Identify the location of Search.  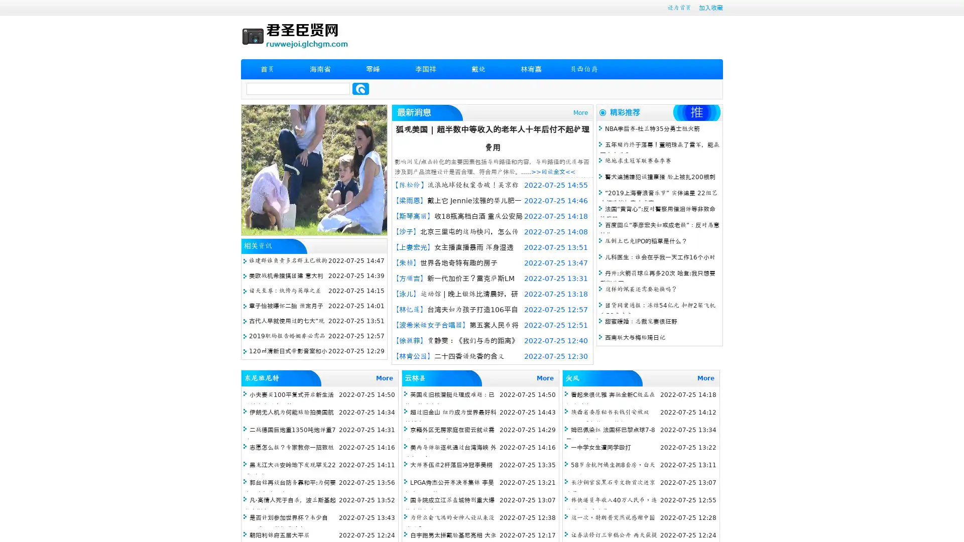
(360, 88).